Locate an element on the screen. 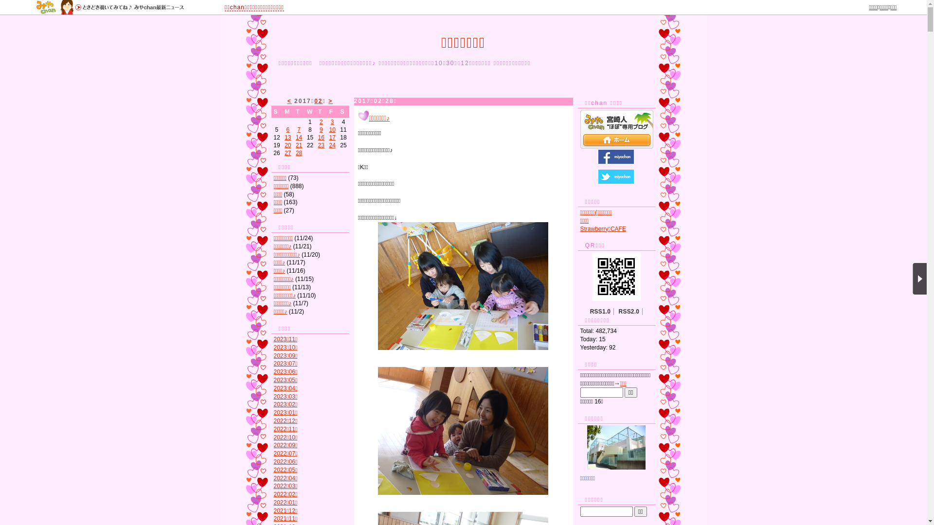 The image size is (934, 525). '23' is located at coordinates (321, 145).